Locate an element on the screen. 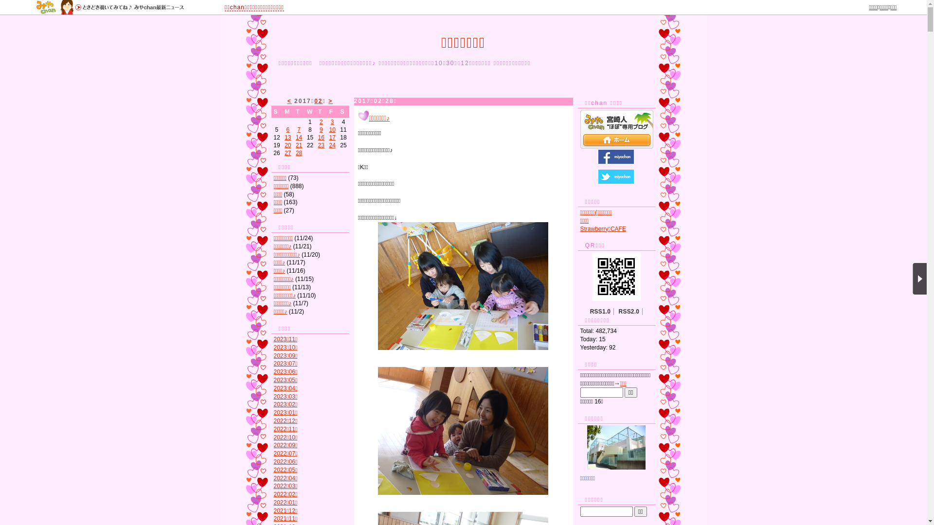 The image size is (934, 525). '23' is located at coordinates (321, 145).